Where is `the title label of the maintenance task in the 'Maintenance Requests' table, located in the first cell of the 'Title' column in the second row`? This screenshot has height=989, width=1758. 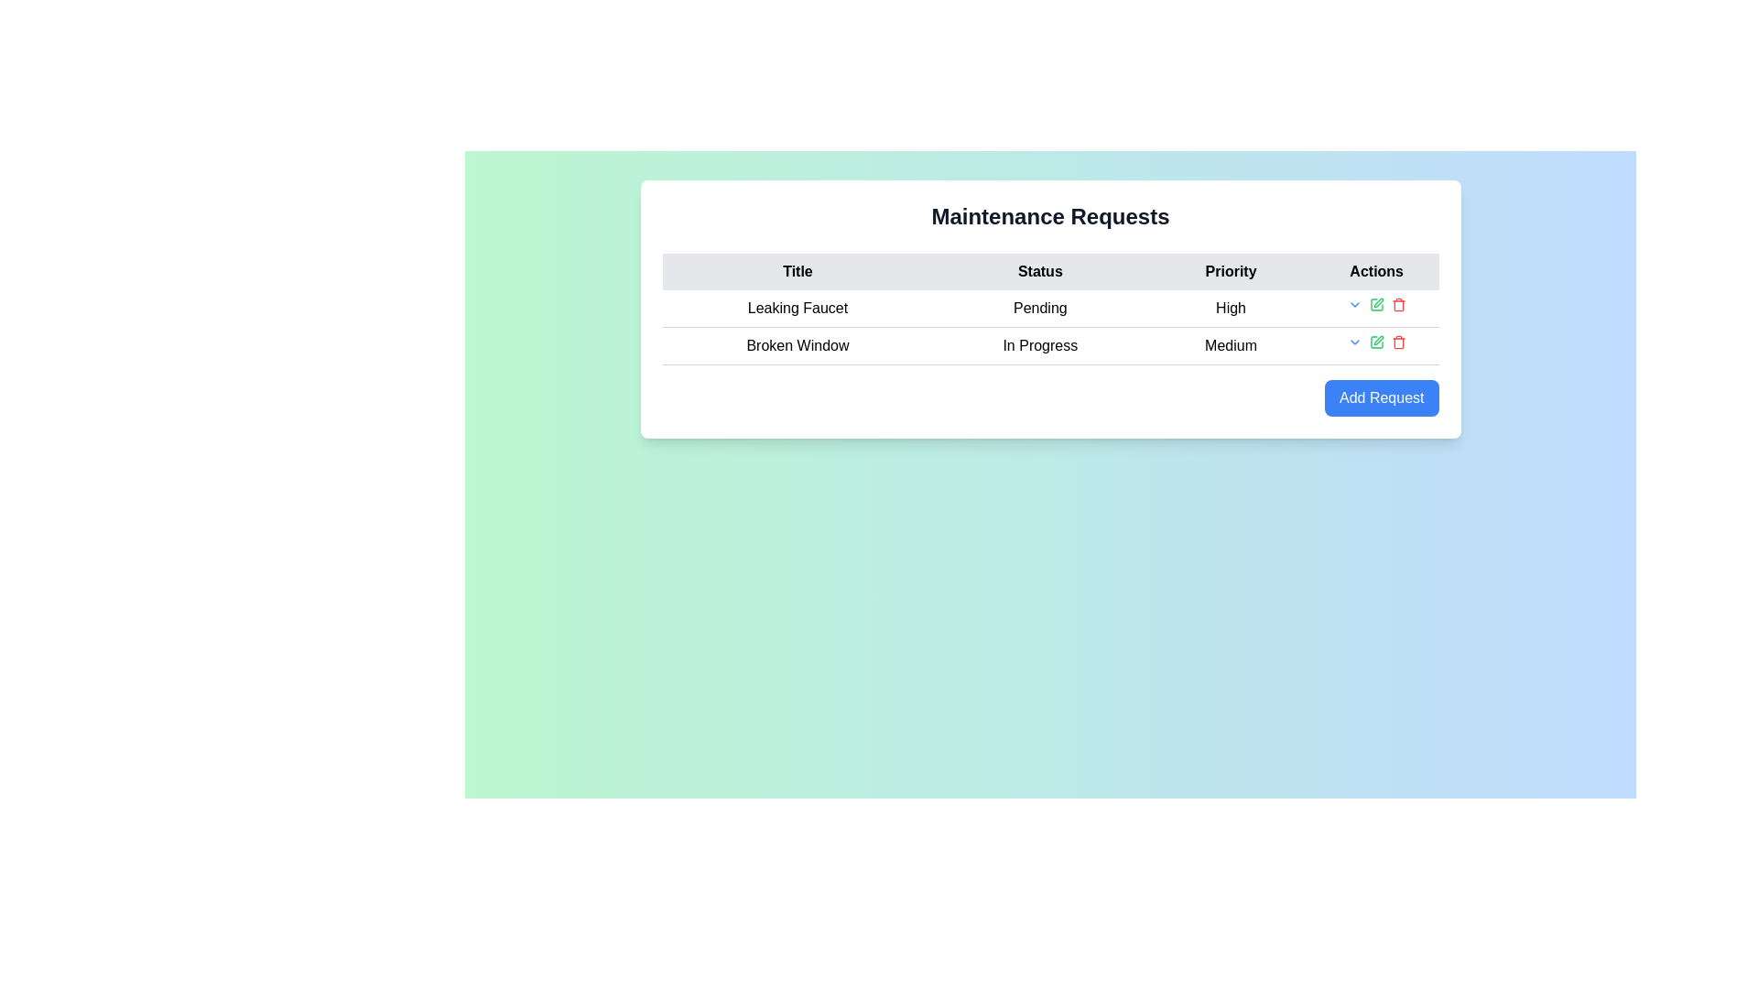 the title label of the maintenance task in the 'Maintenance Requests' table, located in the first cell of the 'Title' column in the second row is located at coordinates (798, 346).